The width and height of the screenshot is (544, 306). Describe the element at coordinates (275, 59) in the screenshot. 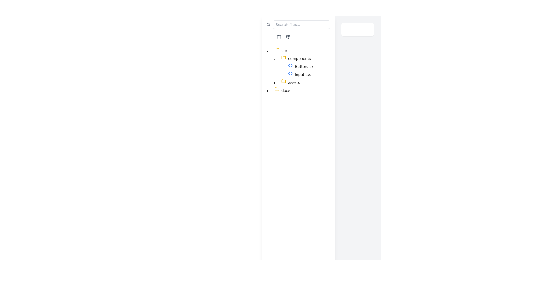

I see `the expansion icon next to the 'src' directory in the file navigation panel` at that location.